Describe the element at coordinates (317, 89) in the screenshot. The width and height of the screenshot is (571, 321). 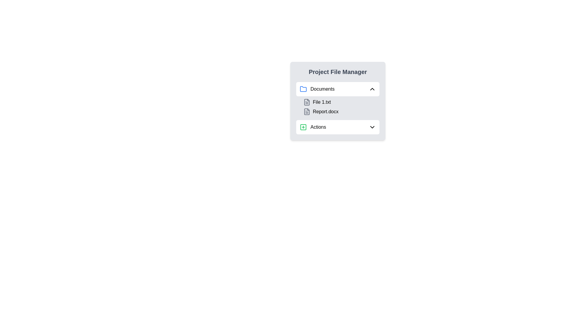
I see `the 'Documents' label with a blue folder icon located at the top-left of the 'Project File Manager' panel` at that location.